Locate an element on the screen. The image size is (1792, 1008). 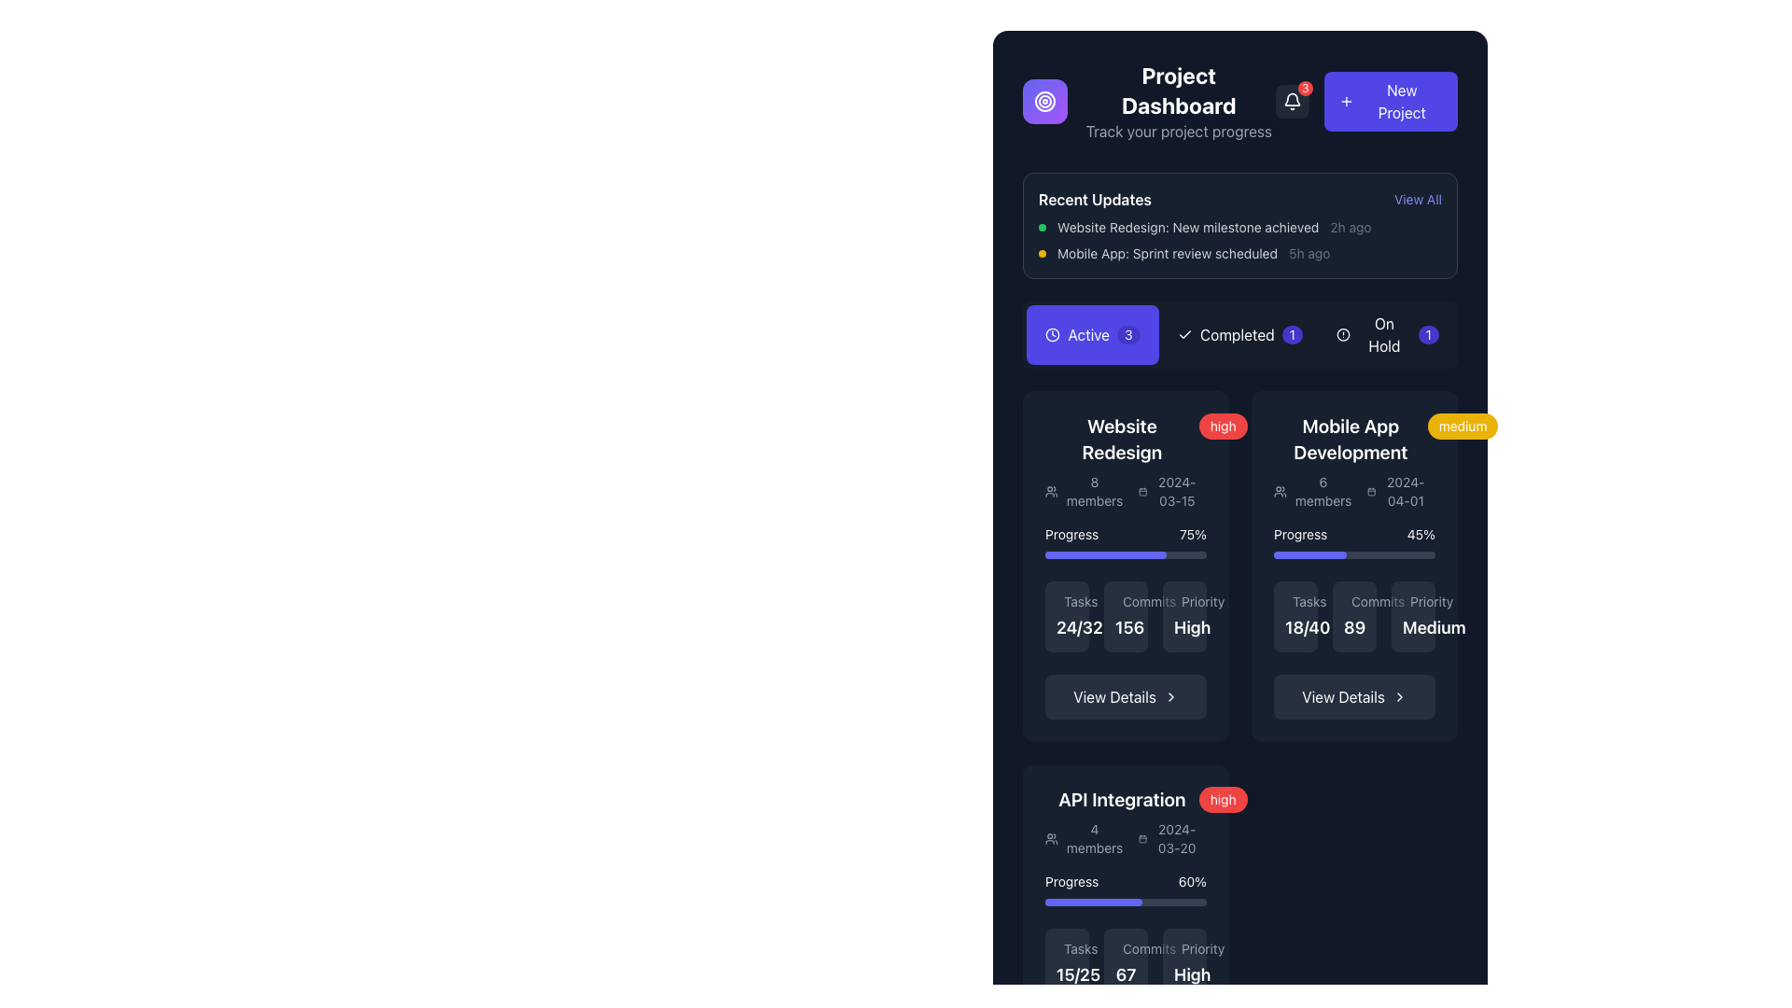
the informational label that provides information about the number of members and the date related to the 'API Integration' card, located in the bottom-left area below the heading and above the progress bar is located at coordinates (1121, 837).